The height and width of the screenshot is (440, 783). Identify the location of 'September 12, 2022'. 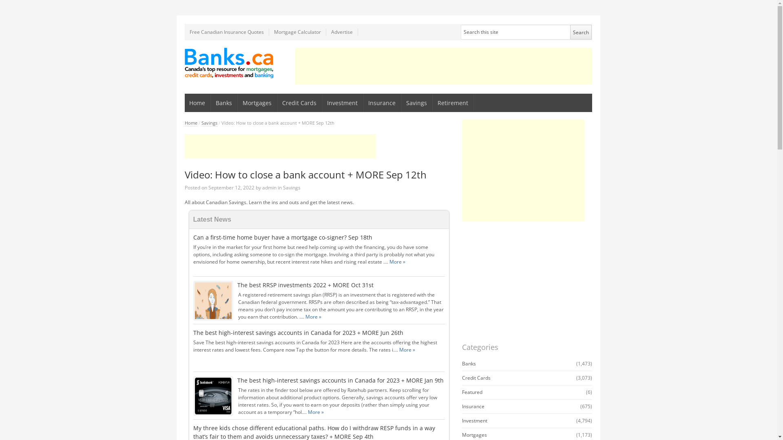
(230, 187).